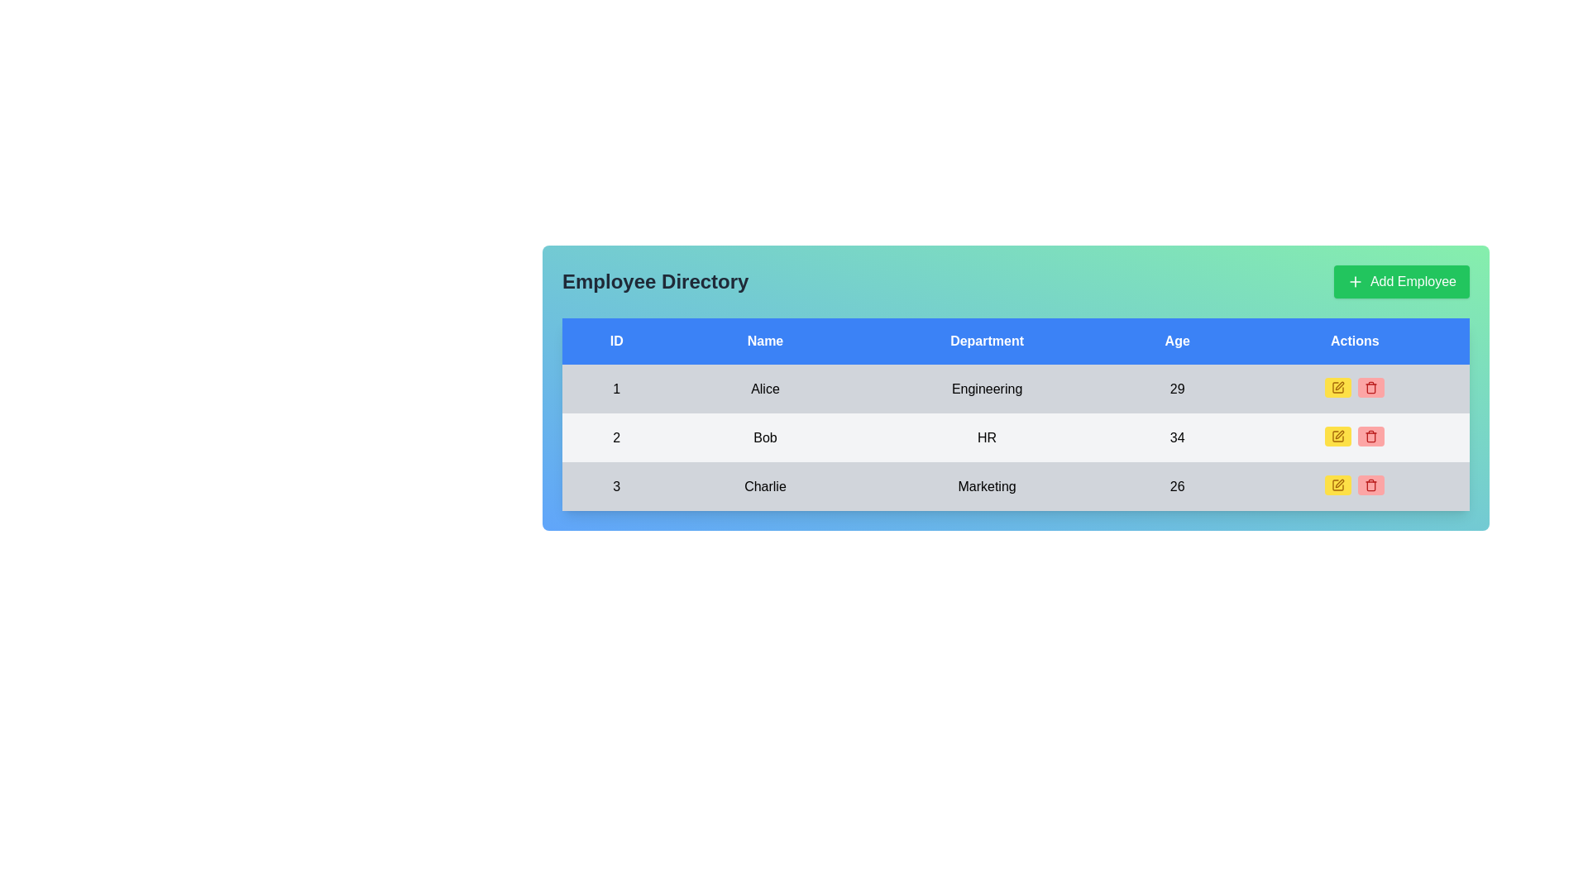  I want to click on the 'Age' column header in the Employee Directory table, which is located in the fourth column between 'Department' and 'Actions', so click(1176, 340).